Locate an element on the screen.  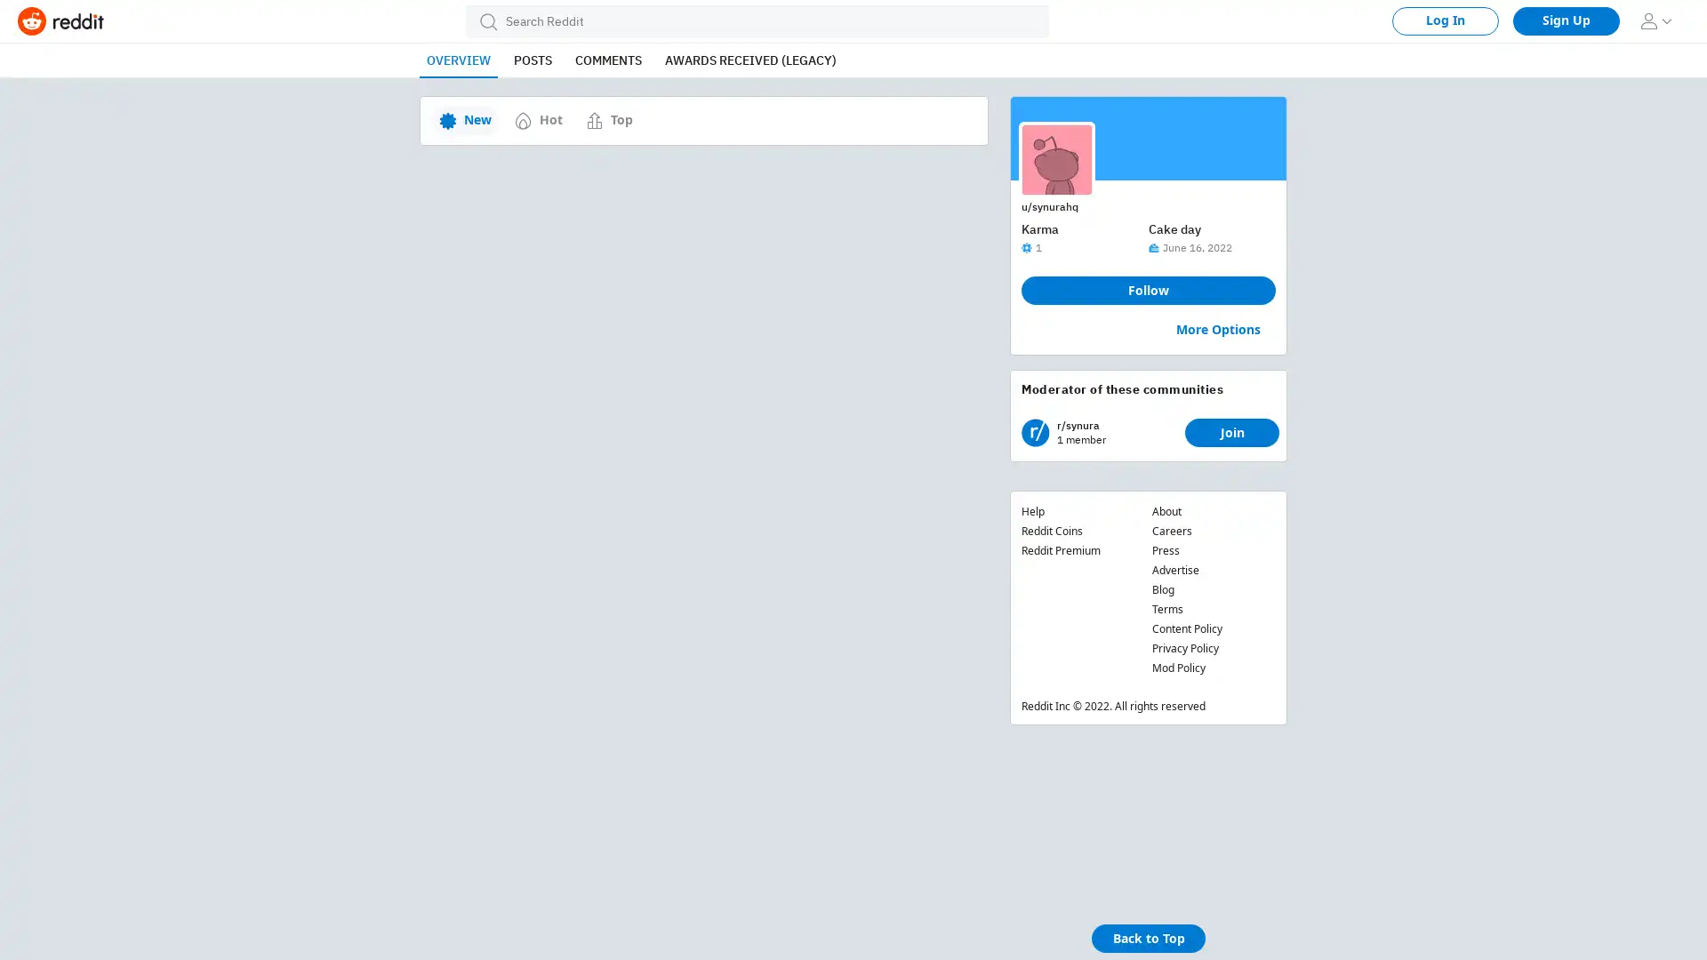
Hot is located at coordinates (537, 120).